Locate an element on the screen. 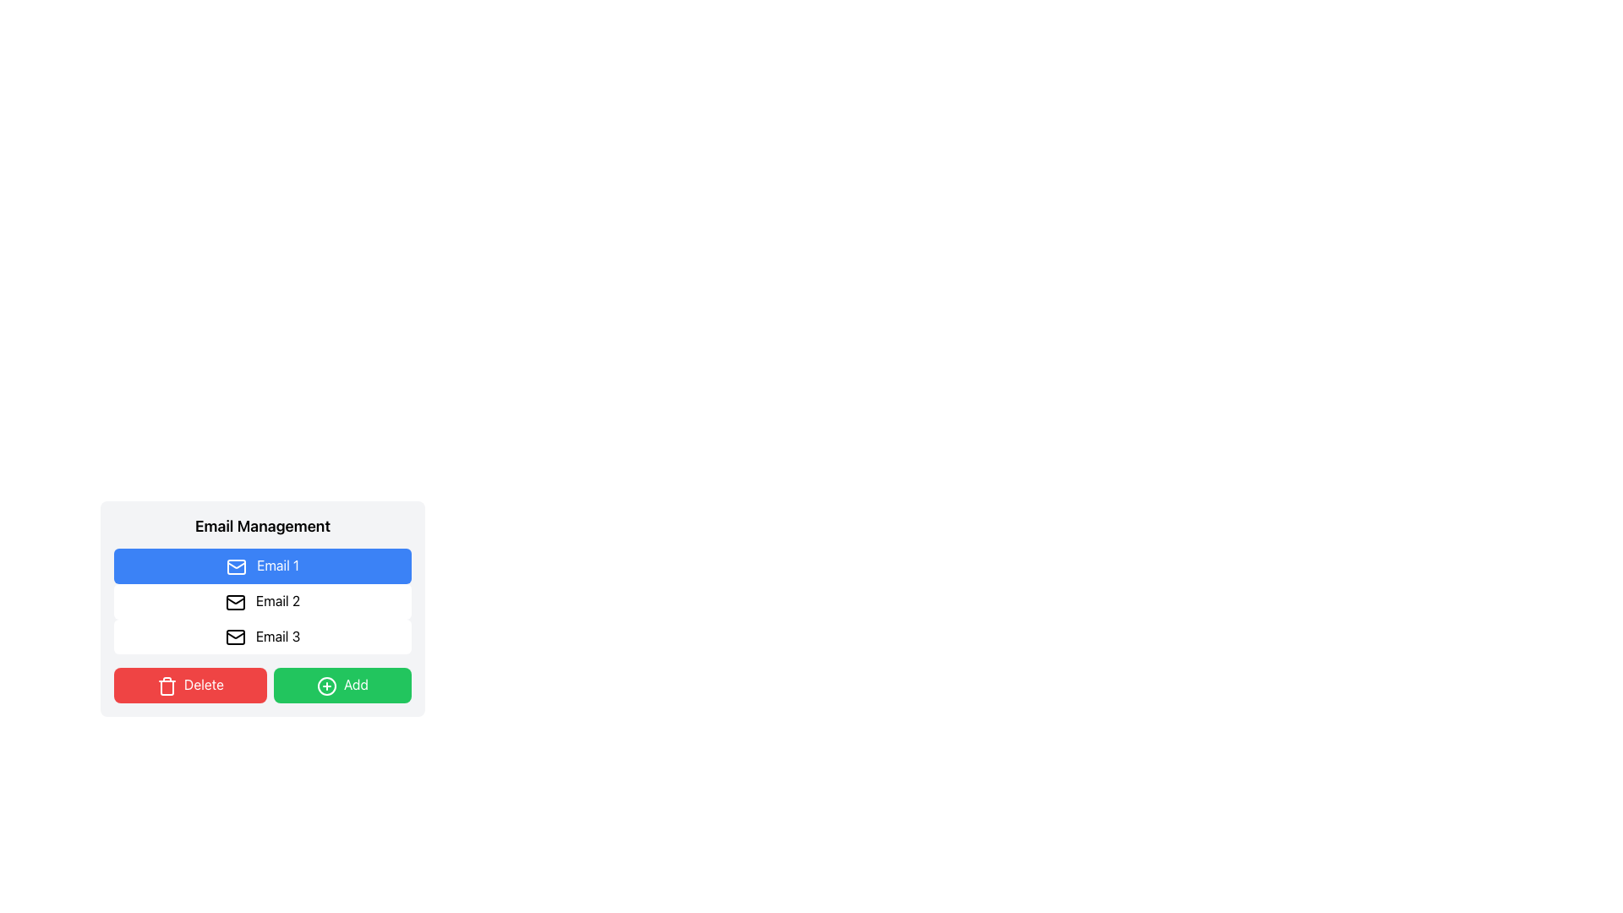 The width and height of the screenshot is (1623, 913). the 'Email 1' button located at the top of the 'Email Management' section is located at coordinates (262, 565).